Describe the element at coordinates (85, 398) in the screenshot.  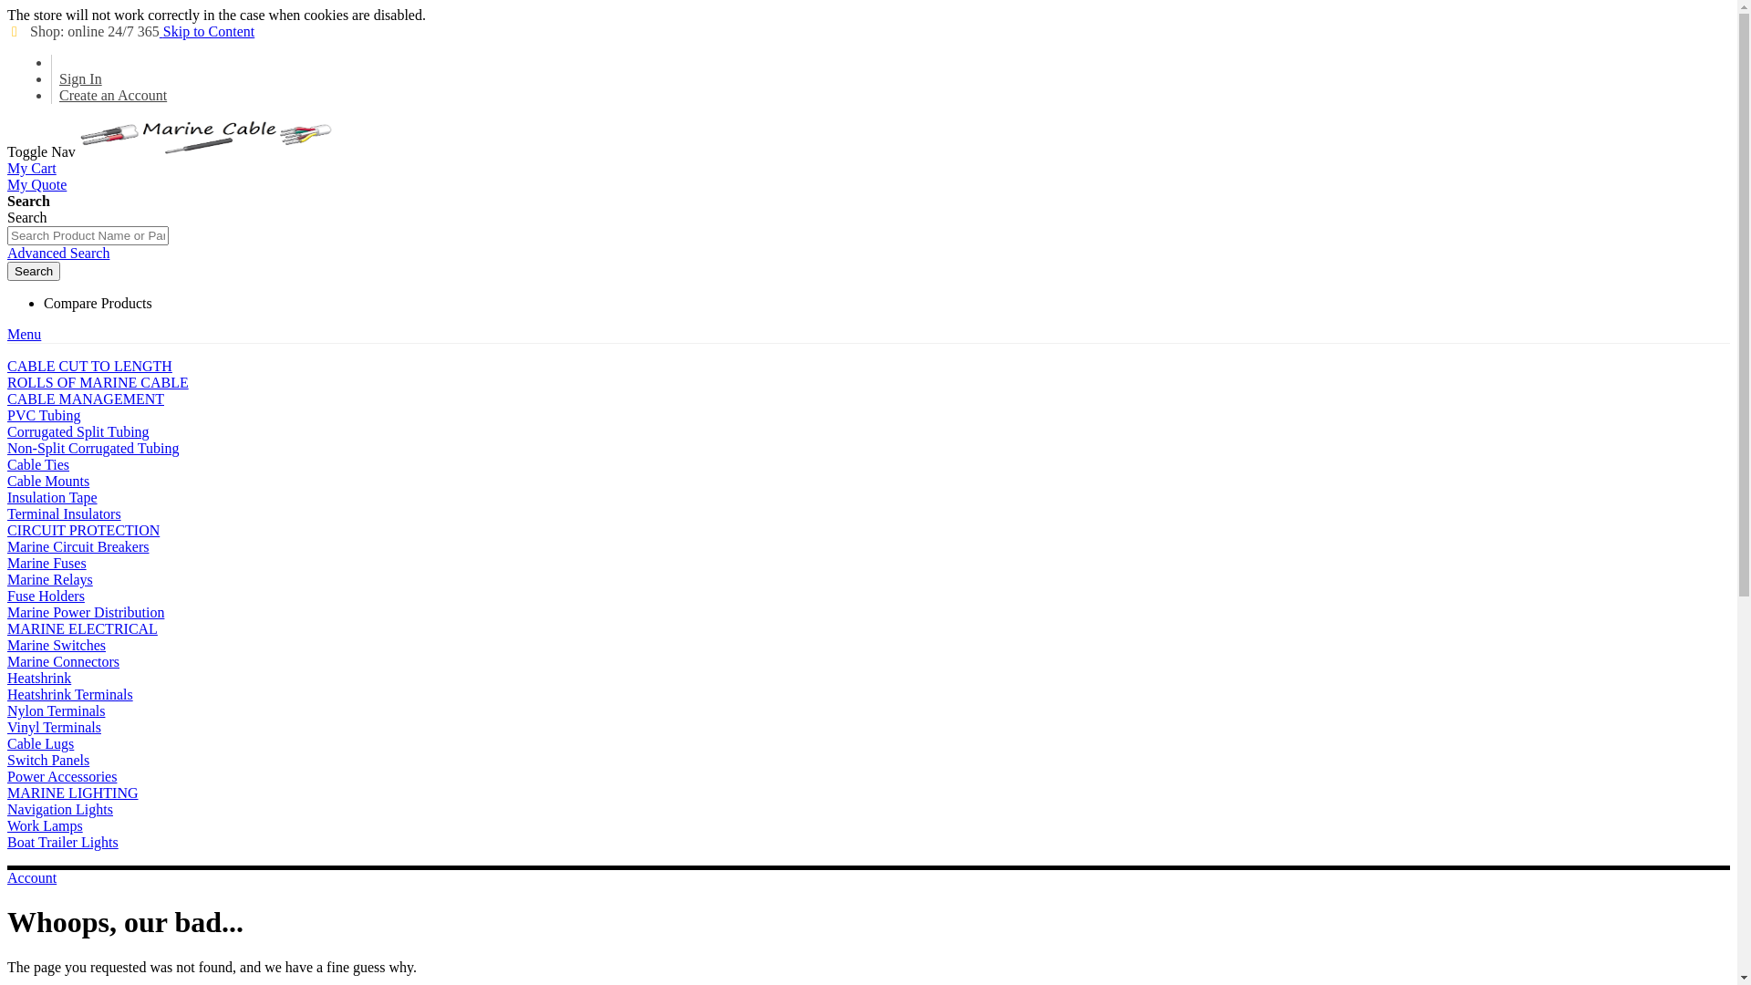
I see `'CABLE MANAGEMENT'` at that location.